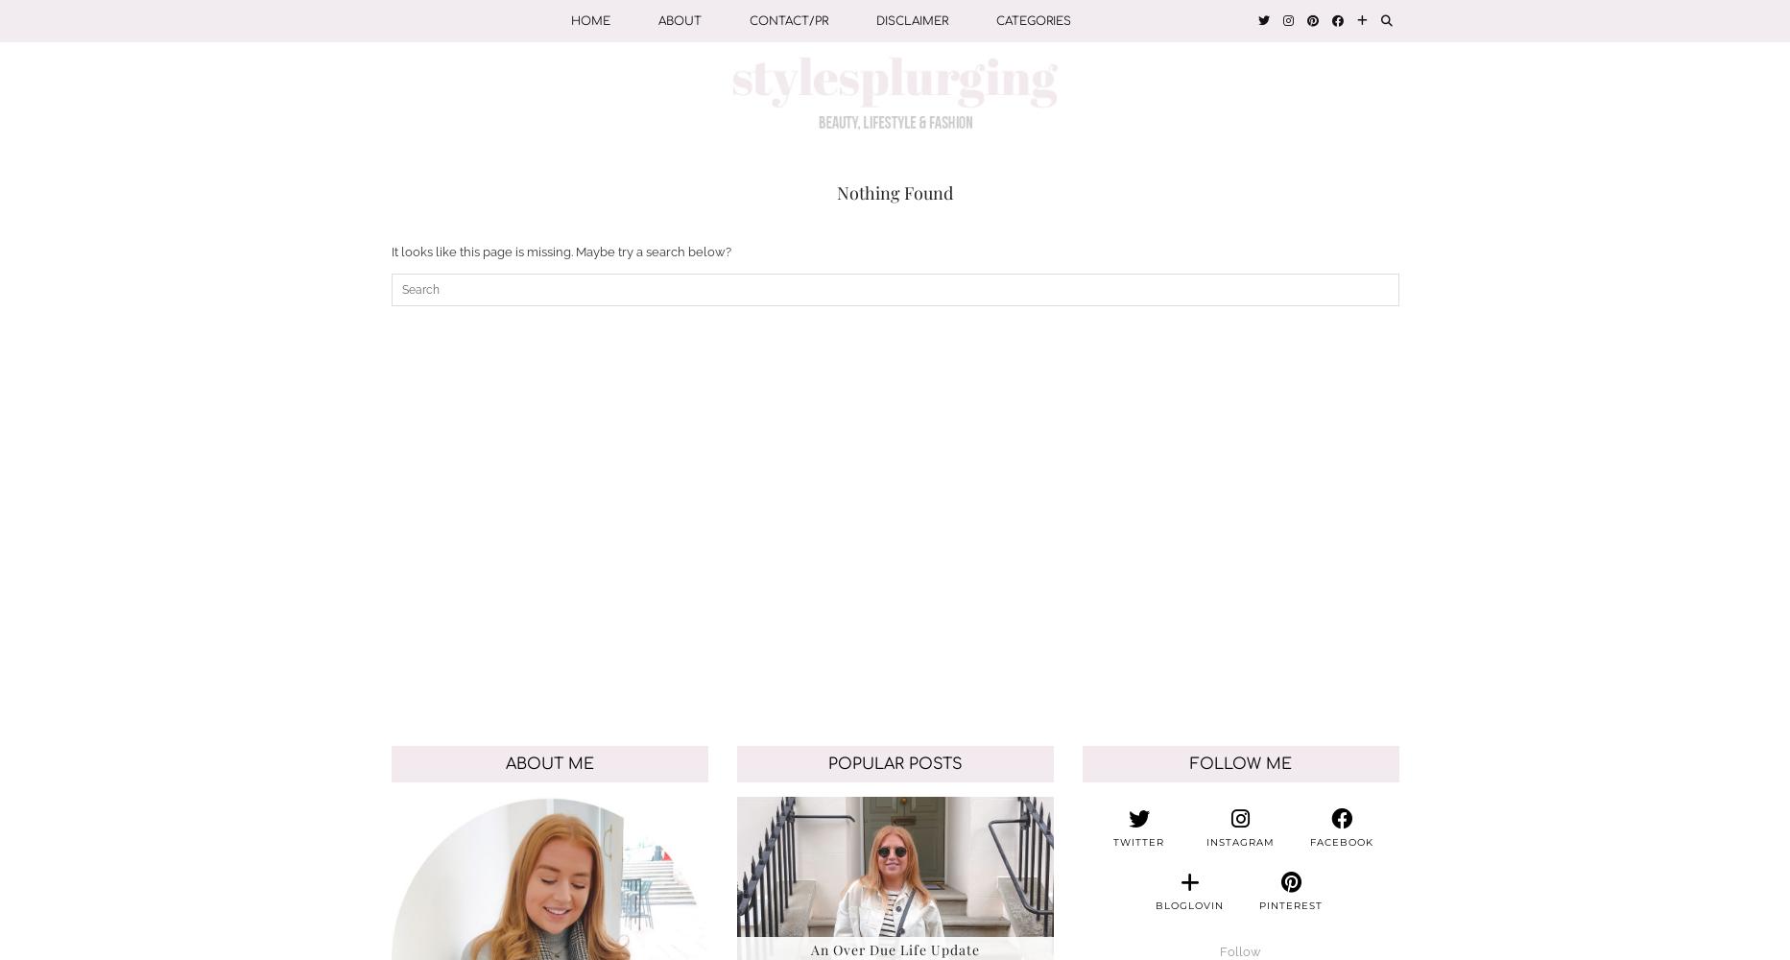  Describe the element at coordinates (569, 21) in the screenshot. I see `'Home'` at that location.